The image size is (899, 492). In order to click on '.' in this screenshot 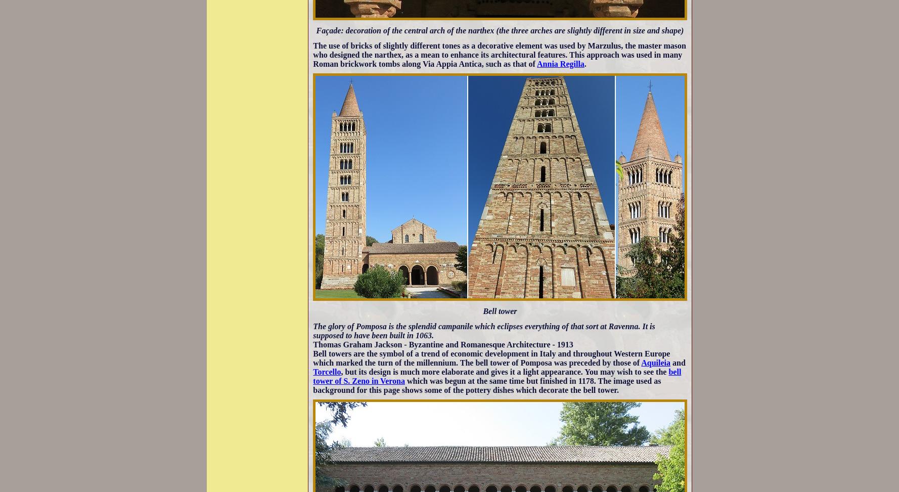, I will do `click(585, 63)`.